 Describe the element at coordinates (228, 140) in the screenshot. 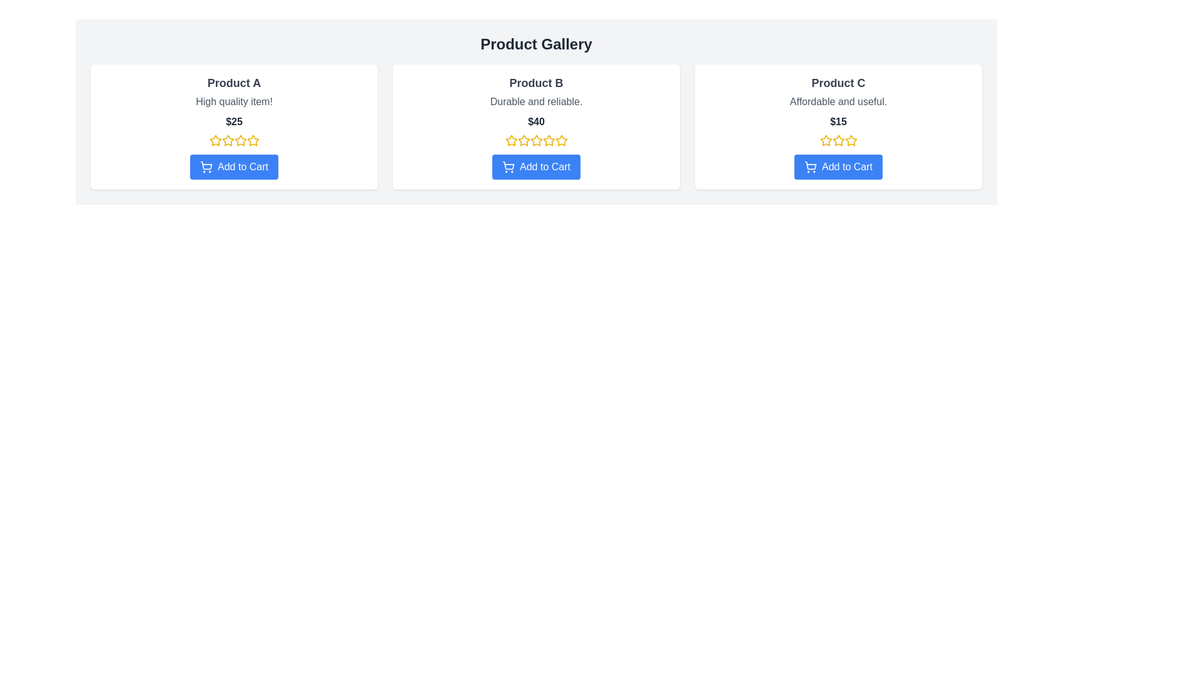

I see `the second star icon in the 5-star rating system for 'Product A' to provide a 2-star rating` at that location.